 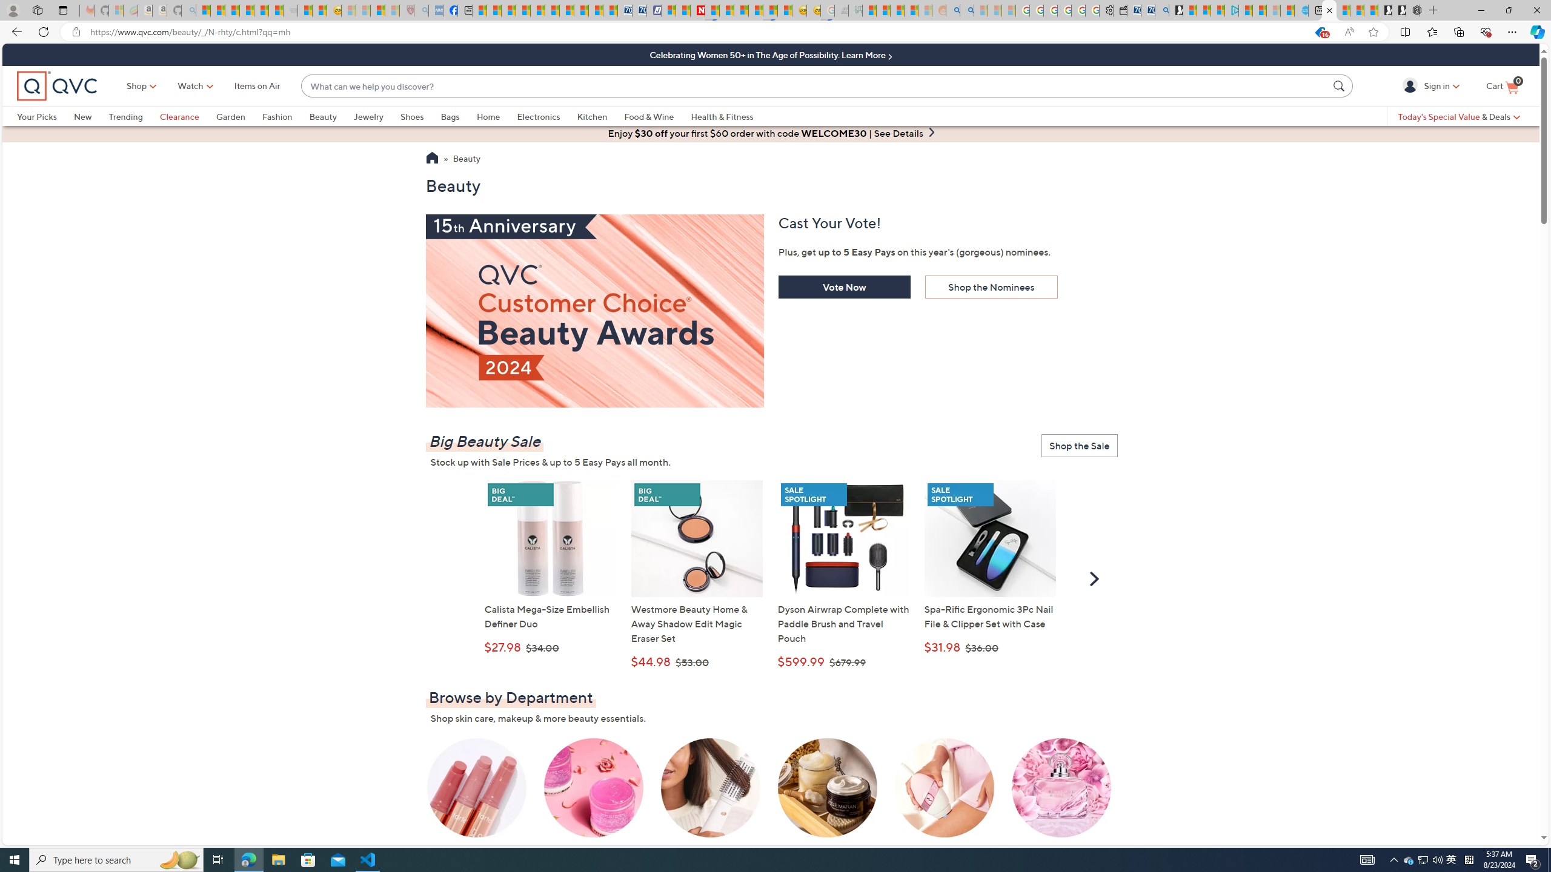 I want to click on 'Clearance', so click(x=179, y=116).